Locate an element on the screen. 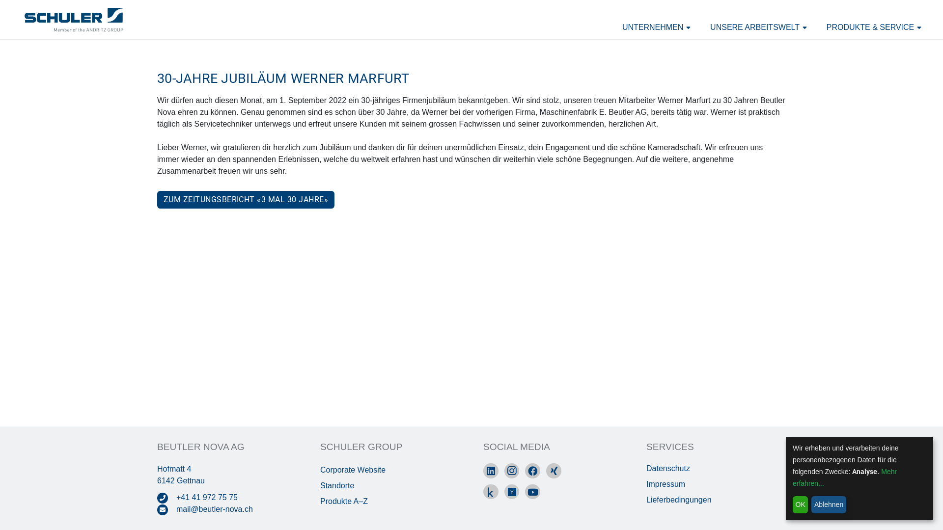  '419727575' is located at coordinates (166, 498).